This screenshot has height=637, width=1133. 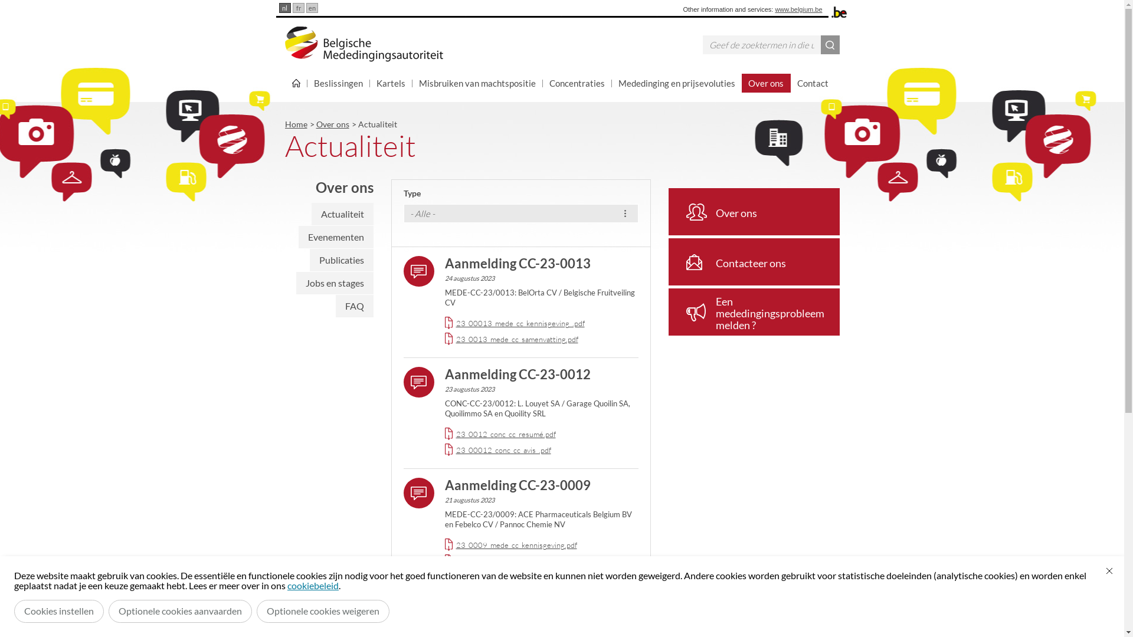 What do you see at coordinates (516, 560) in the screenshot?
I see `'23_0009_mede_cc_samenvatting.pdf'` at bounding box center [516, 560].